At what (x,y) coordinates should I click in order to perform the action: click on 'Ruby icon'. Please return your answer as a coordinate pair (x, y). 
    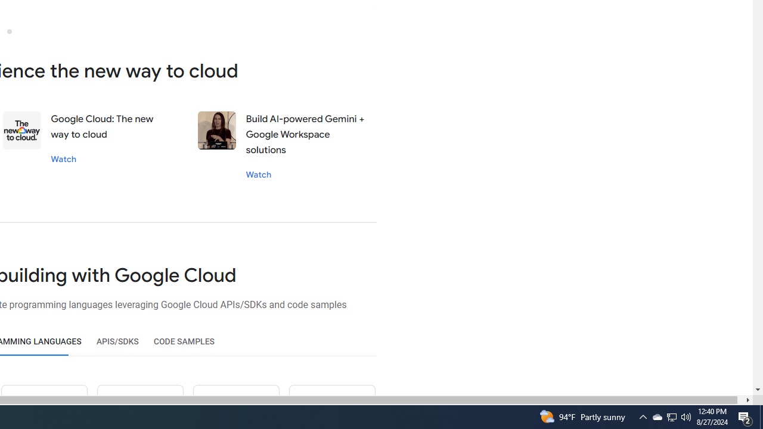
    Looking at the image, I should click on (140, 406).